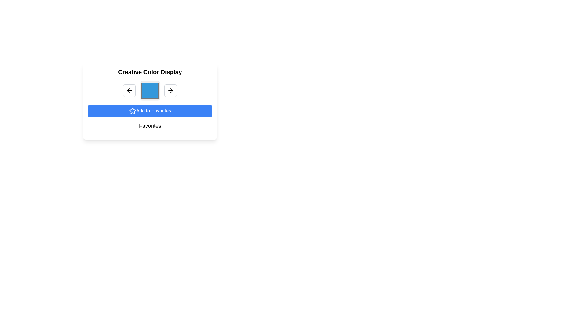  Describe the element at coordinates (132, 111) in the screenshot. I see `the star icon located to the left of the 'Add to Favorites' label on the blue button` at that location.